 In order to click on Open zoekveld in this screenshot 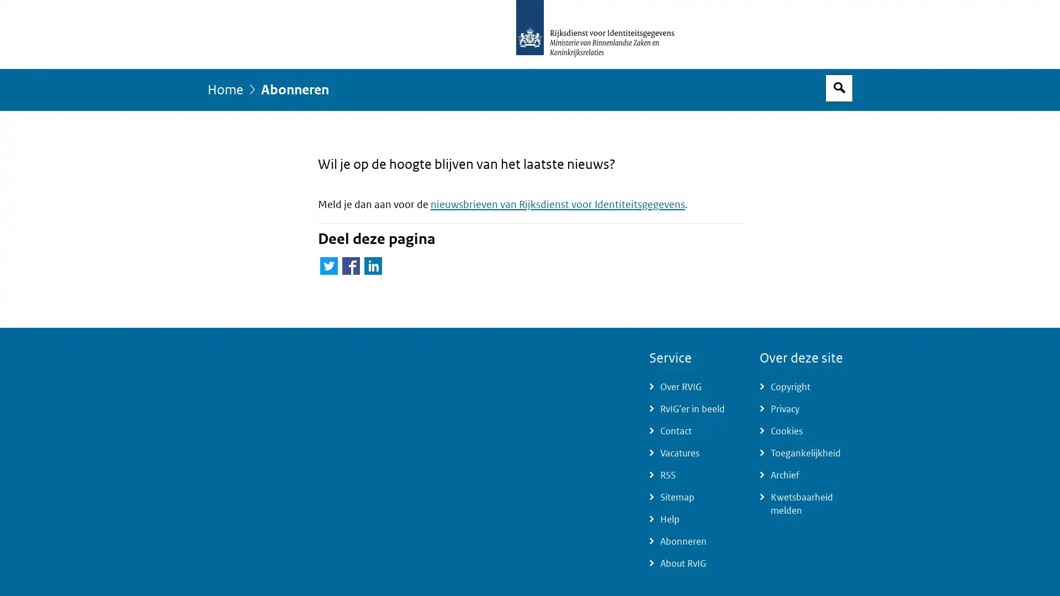, I will do `click(839, 87)`.